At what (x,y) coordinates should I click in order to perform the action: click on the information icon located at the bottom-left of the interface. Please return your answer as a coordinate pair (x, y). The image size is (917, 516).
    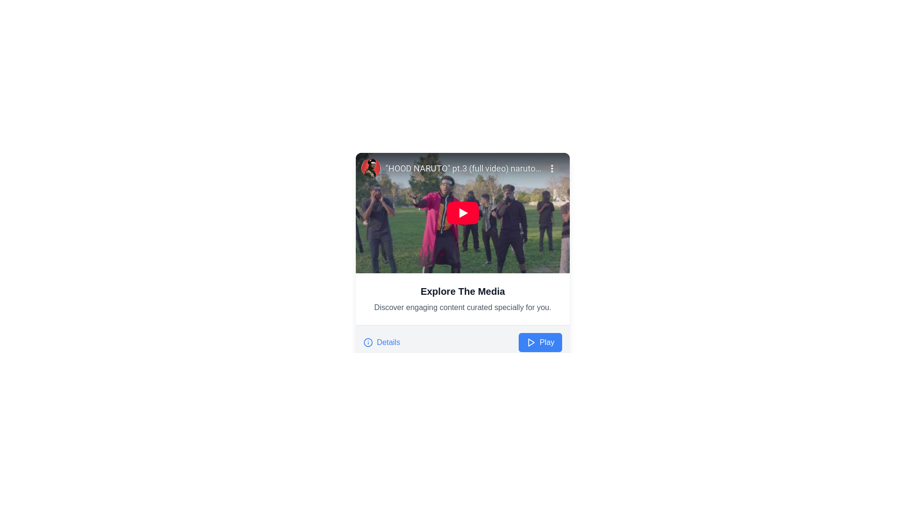
    Looking at the image, I should click on (368, 342).